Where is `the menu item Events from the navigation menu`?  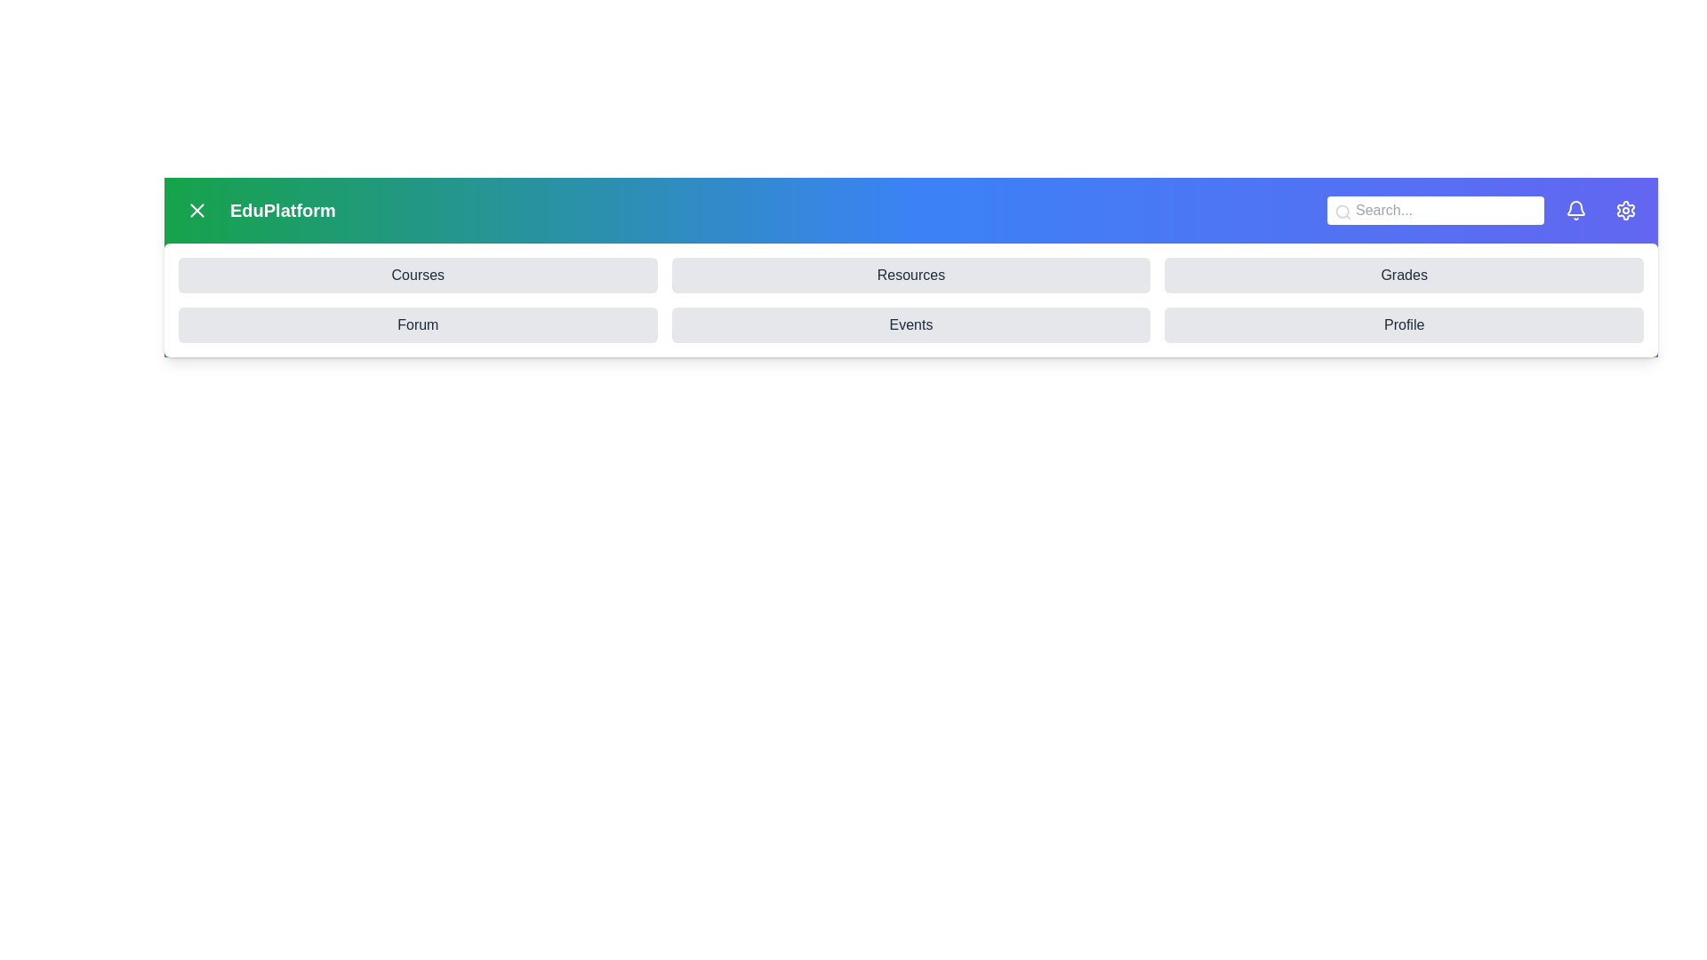 the menu item Events from the navigation menu is located at coordinates (911, 325).